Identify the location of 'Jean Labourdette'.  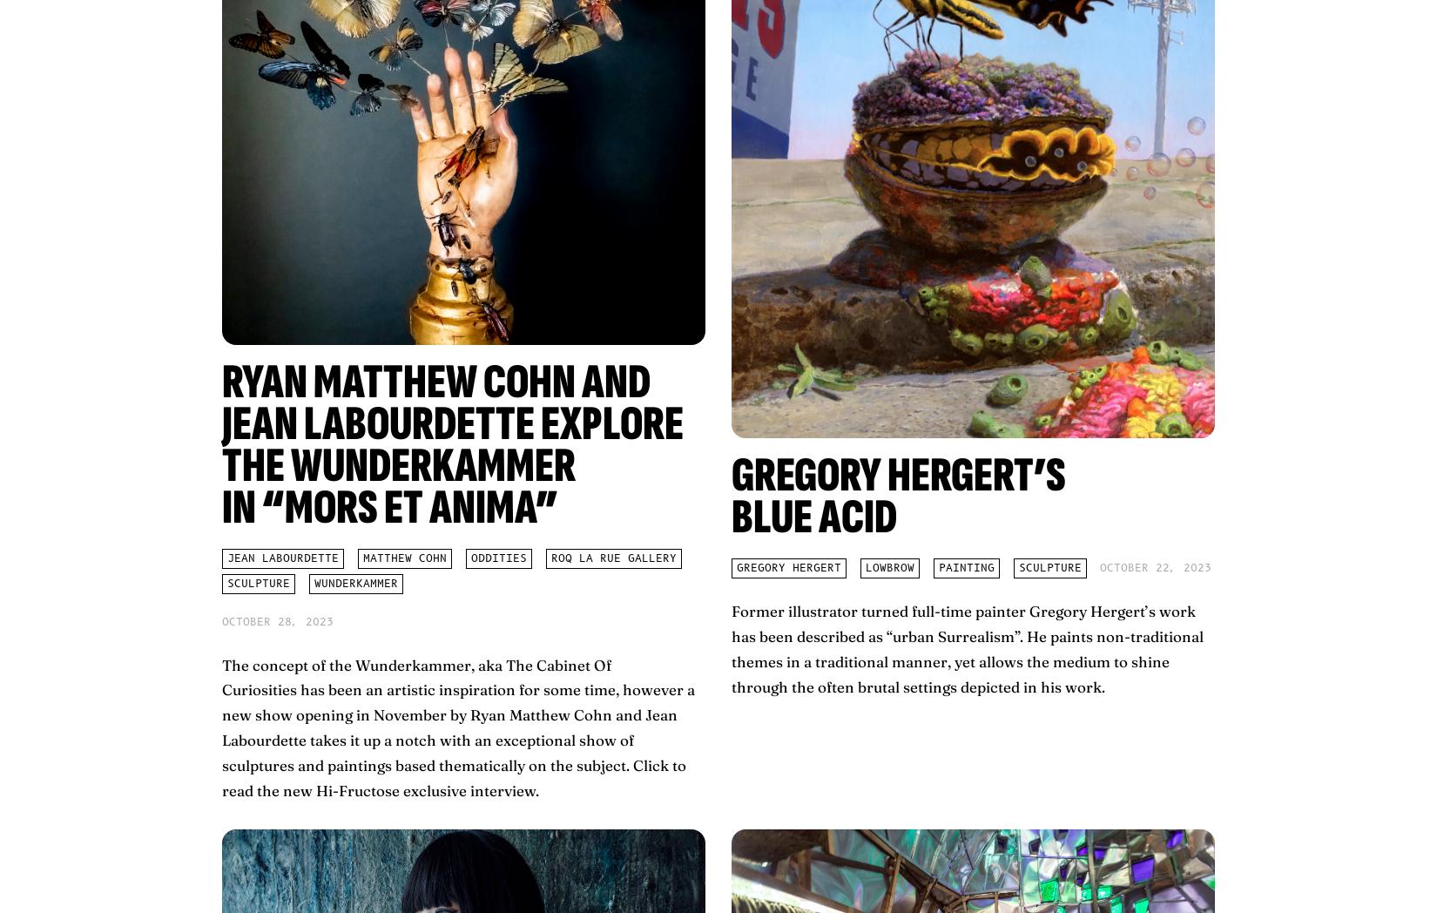
(283, 558).